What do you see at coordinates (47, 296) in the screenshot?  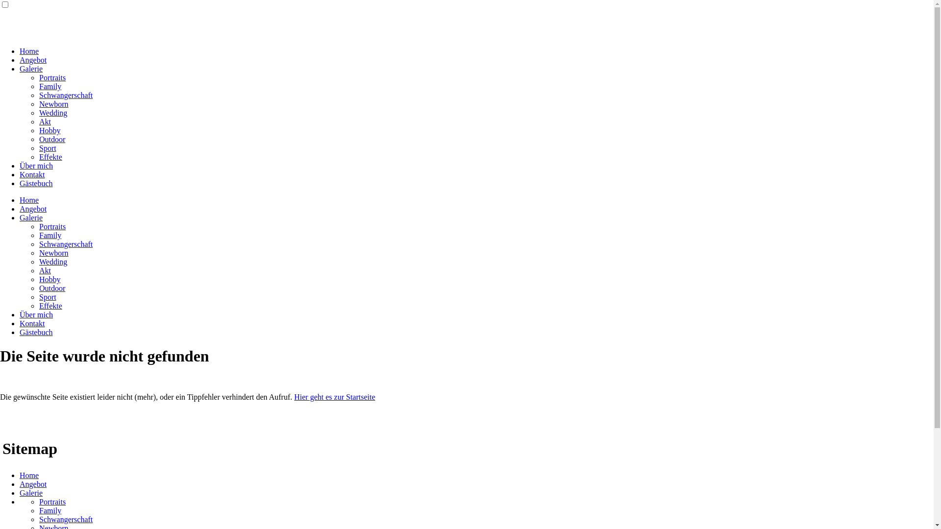 I see `'Sport'` at bounding box center [47, 296].